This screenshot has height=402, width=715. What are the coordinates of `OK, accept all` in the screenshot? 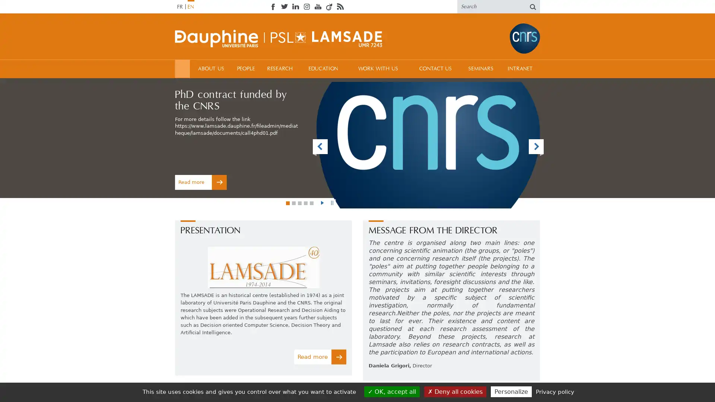 It's located at (391, 391).